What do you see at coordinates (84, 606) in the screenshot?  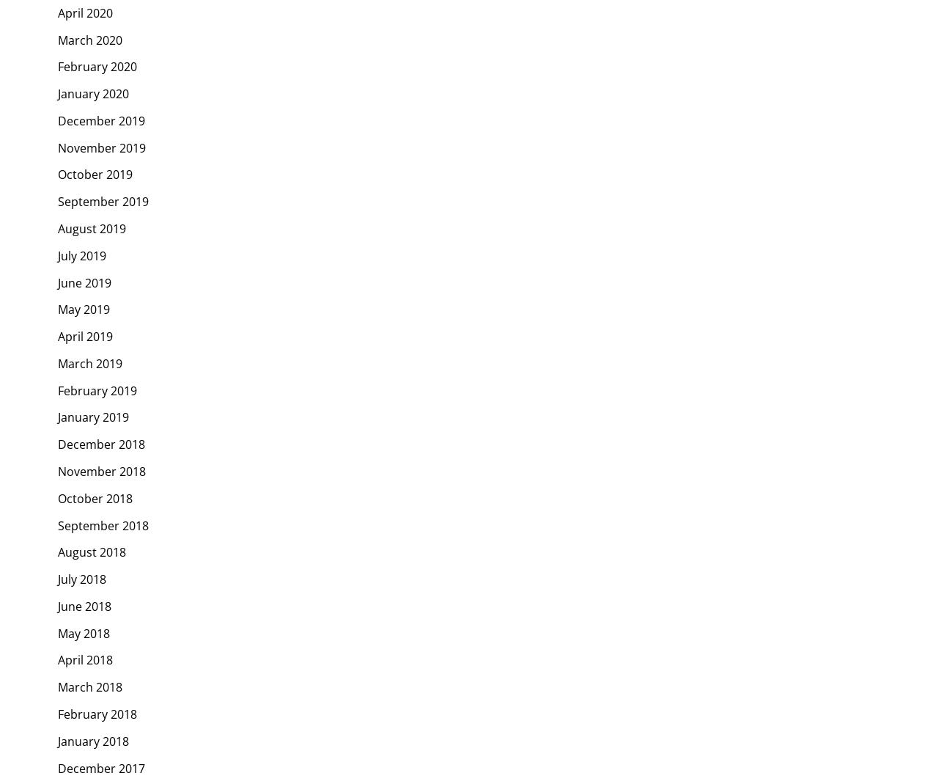 I see `'June 2018'` at bounding box center [84, 606].